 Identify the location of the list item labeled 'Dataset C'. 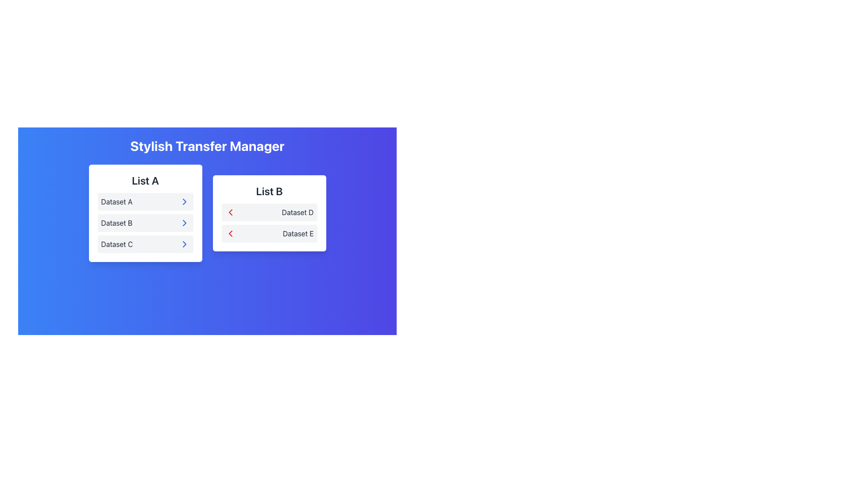
(145, 244).